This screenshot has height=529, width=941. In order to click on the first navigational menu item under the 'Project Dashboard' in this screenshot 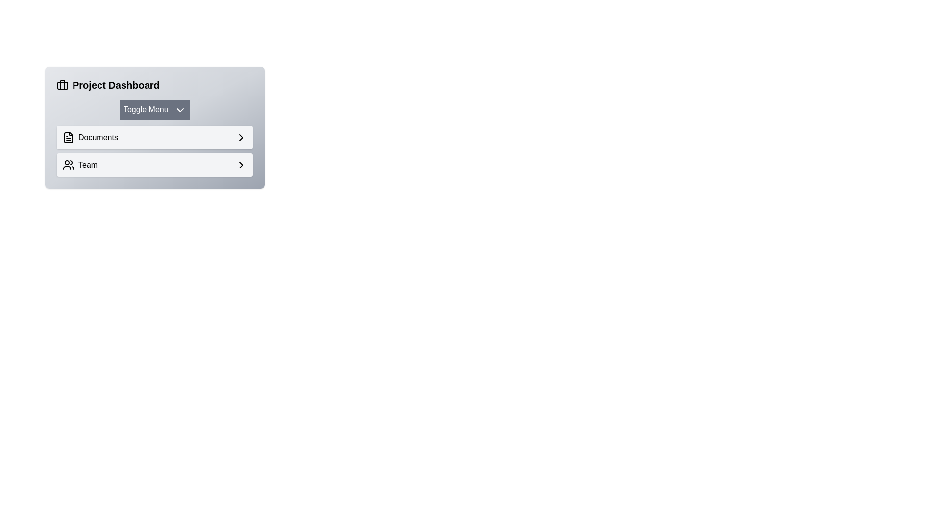, I will do `click(154, 137)`.